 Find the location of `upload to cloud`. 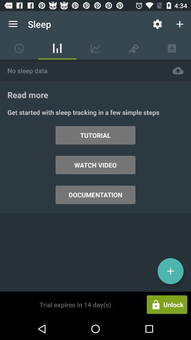

upload to cloud is located at coordinates (178, 70).